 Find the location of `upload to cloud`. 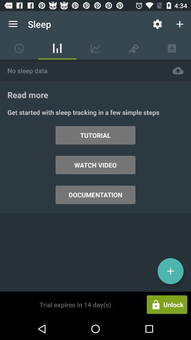

upload to cloud is located at coordinates (178, 70).